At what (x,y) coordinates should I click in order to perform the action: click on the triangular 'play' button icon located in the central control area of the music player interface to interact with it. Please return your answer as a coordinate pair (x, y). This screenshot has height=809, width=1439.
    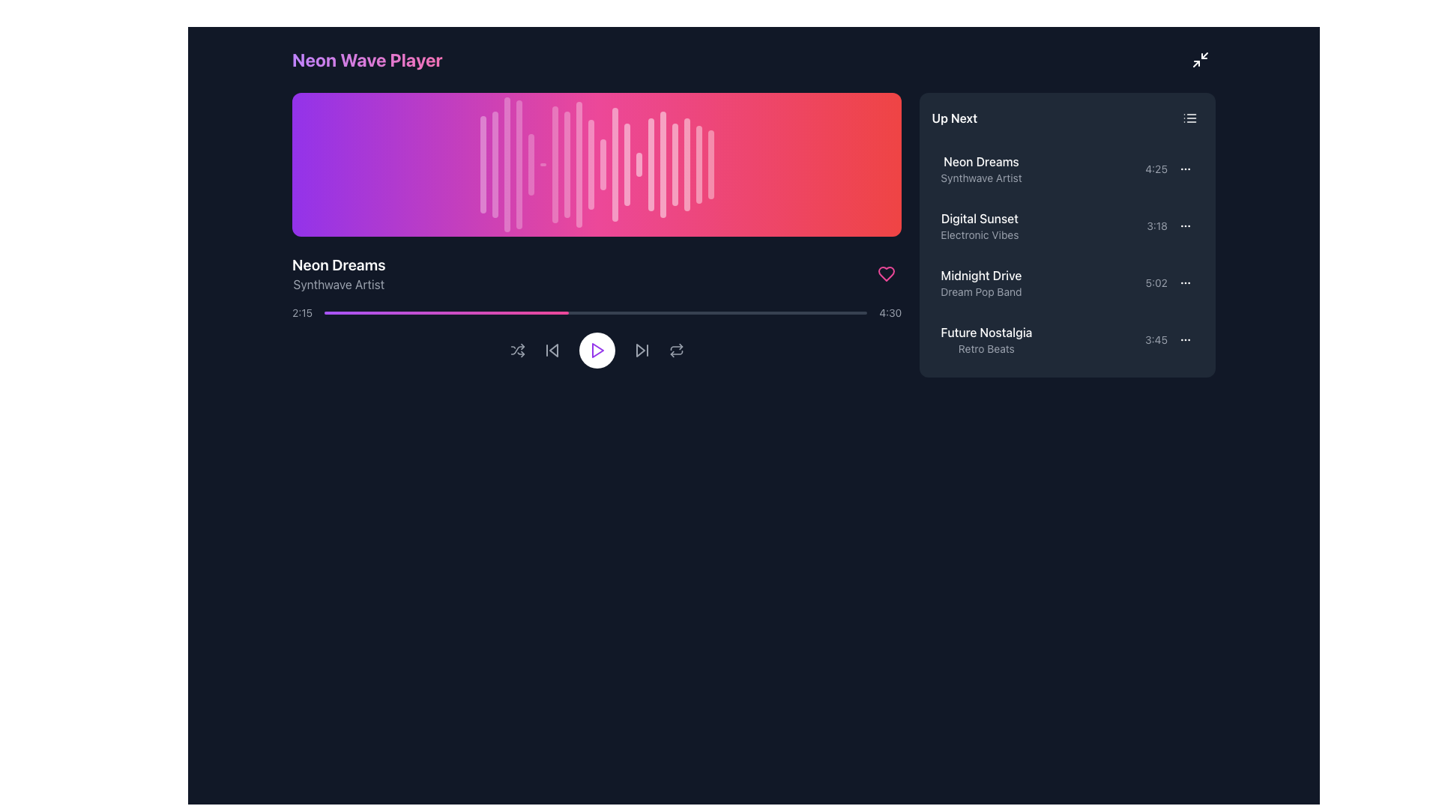
    Looking at the image, I should click on (597, 350).